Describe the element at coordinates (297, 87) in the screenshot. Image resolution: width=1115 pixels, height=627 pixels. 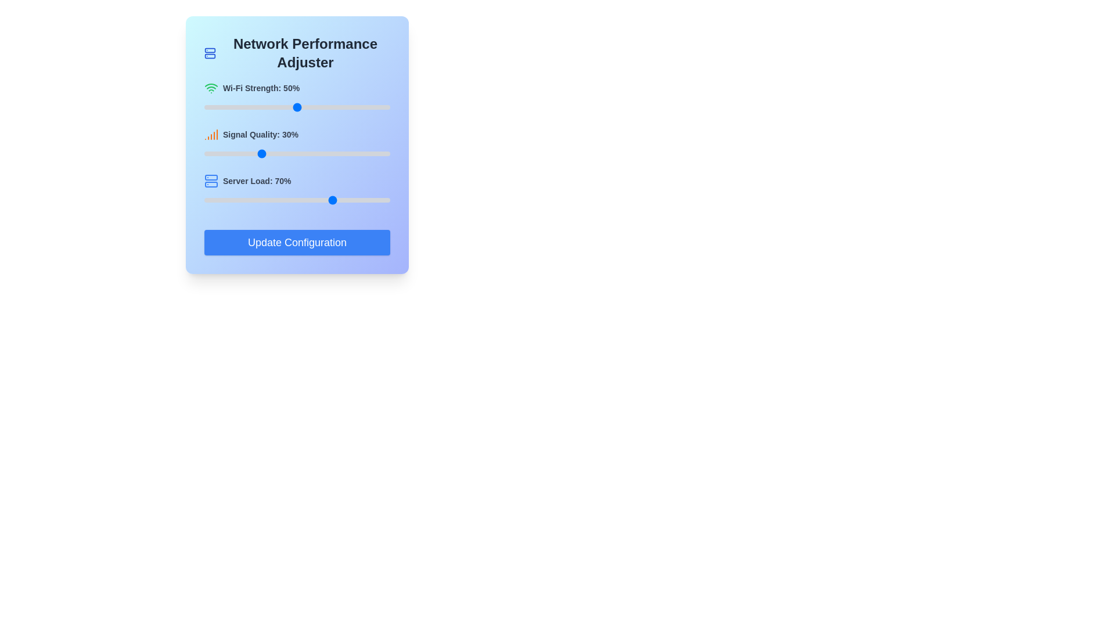
I see `the 'Wi-Fi Strength: 50%' text label with a green Wi-Fi signal icon, which is the first item in the 'Network Performance Adjuster' section` at that location.